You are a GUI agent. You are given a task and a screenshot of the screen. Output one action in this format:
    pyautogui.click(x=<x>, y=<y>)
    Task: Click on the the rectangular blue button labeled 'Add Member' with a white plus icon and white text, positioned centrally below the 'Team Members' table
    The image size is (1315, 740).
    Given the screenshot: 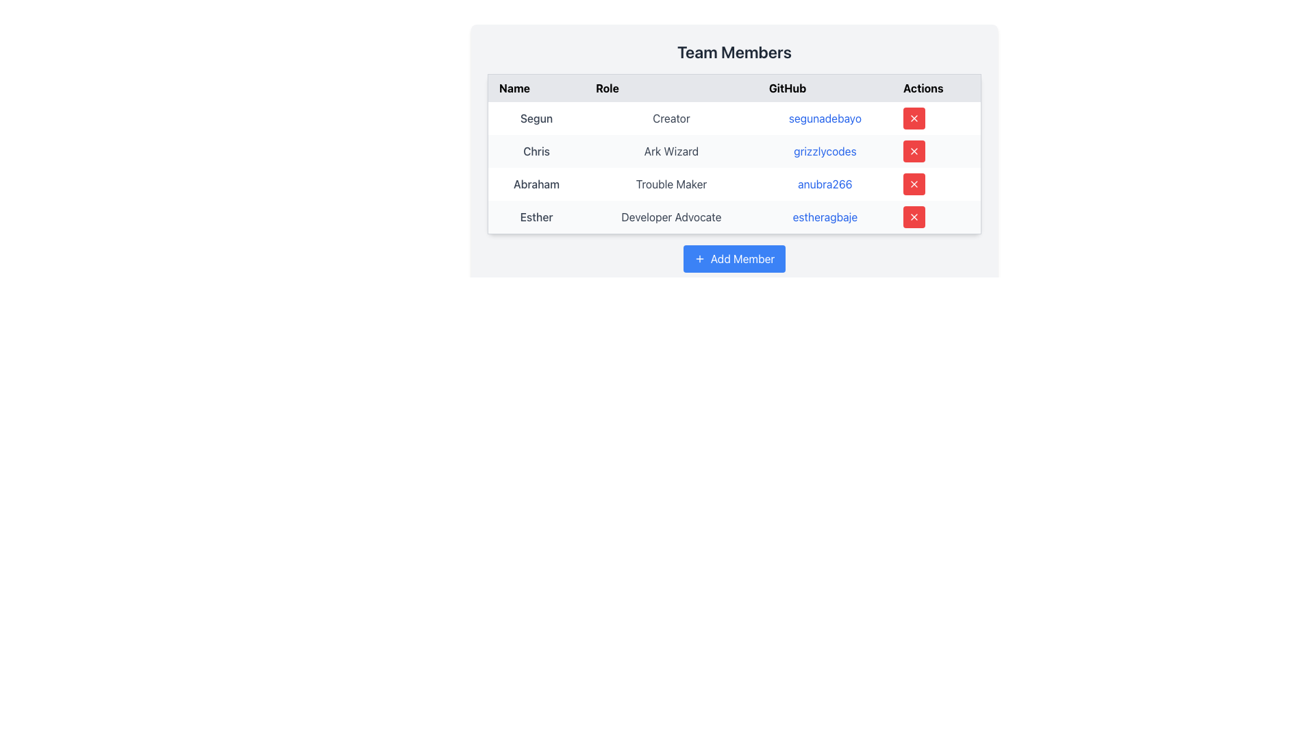 What is the action you would take?
    pyautogui.click(x=734, y=259)
    